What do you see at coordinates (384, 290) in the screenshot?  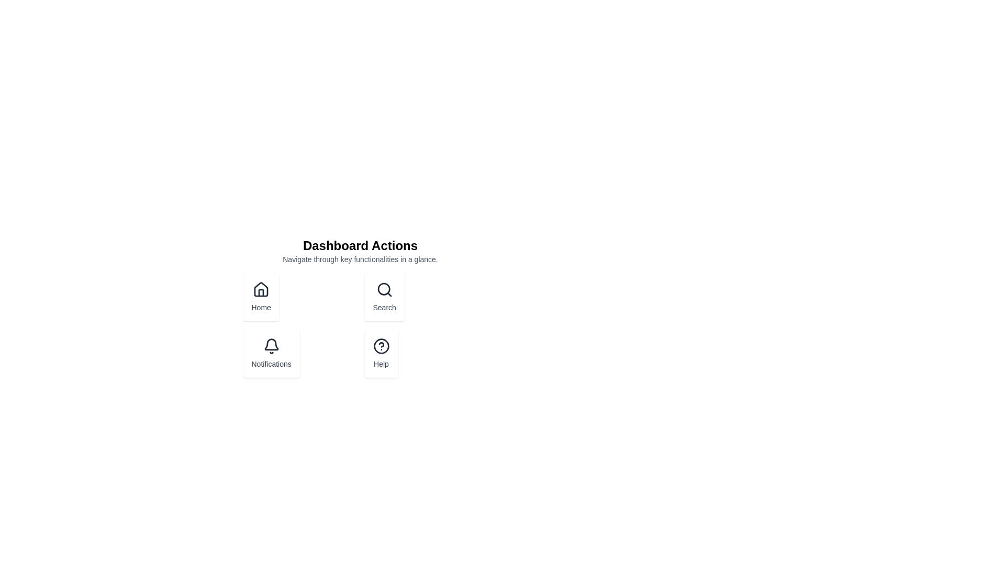 I see `the magnifying glass icon within the 'Search' button located in the 'Dashboard Actions' section` at bounding box center [384, 290].